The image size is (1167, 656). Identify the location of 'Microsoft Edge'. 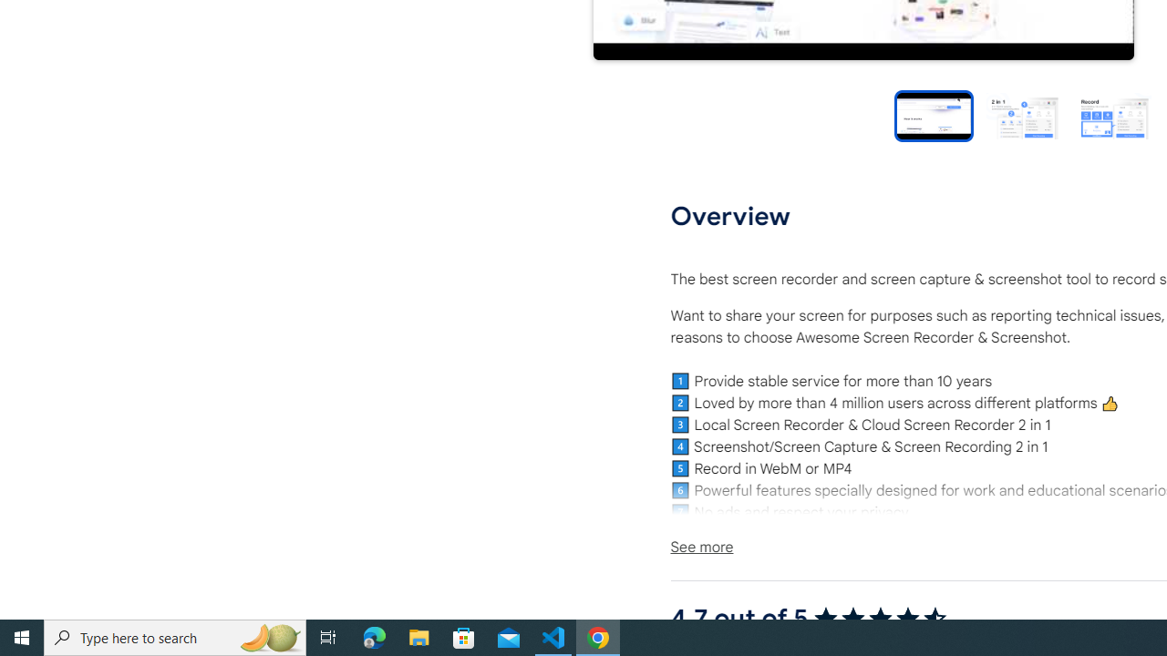
(374, 636).